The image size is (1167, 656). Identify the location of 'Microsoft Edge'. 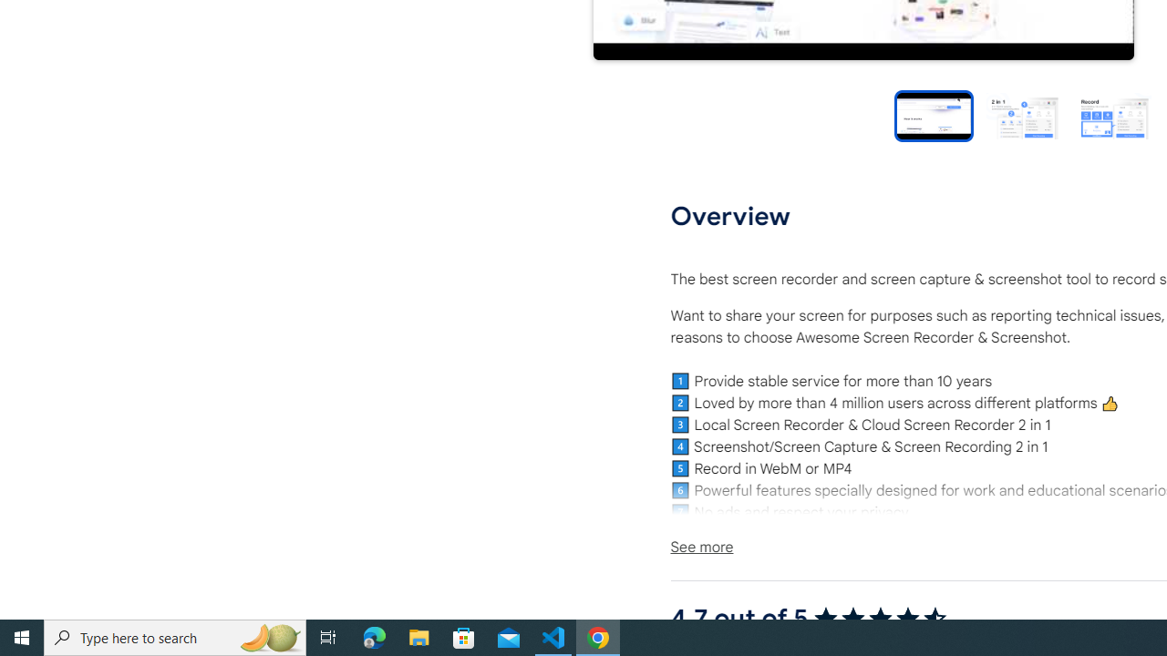
(374, 636).